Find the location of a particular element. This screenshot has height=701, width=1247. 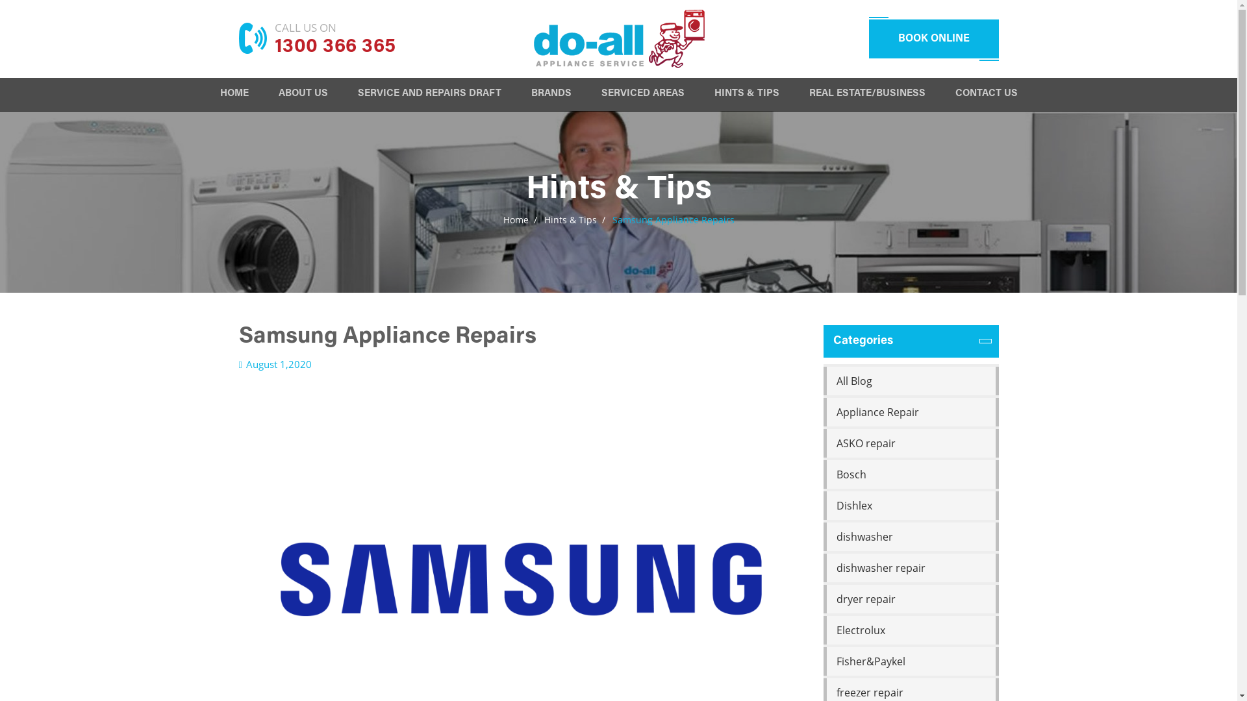

'Bosch' is located at coordinates (822, 474).